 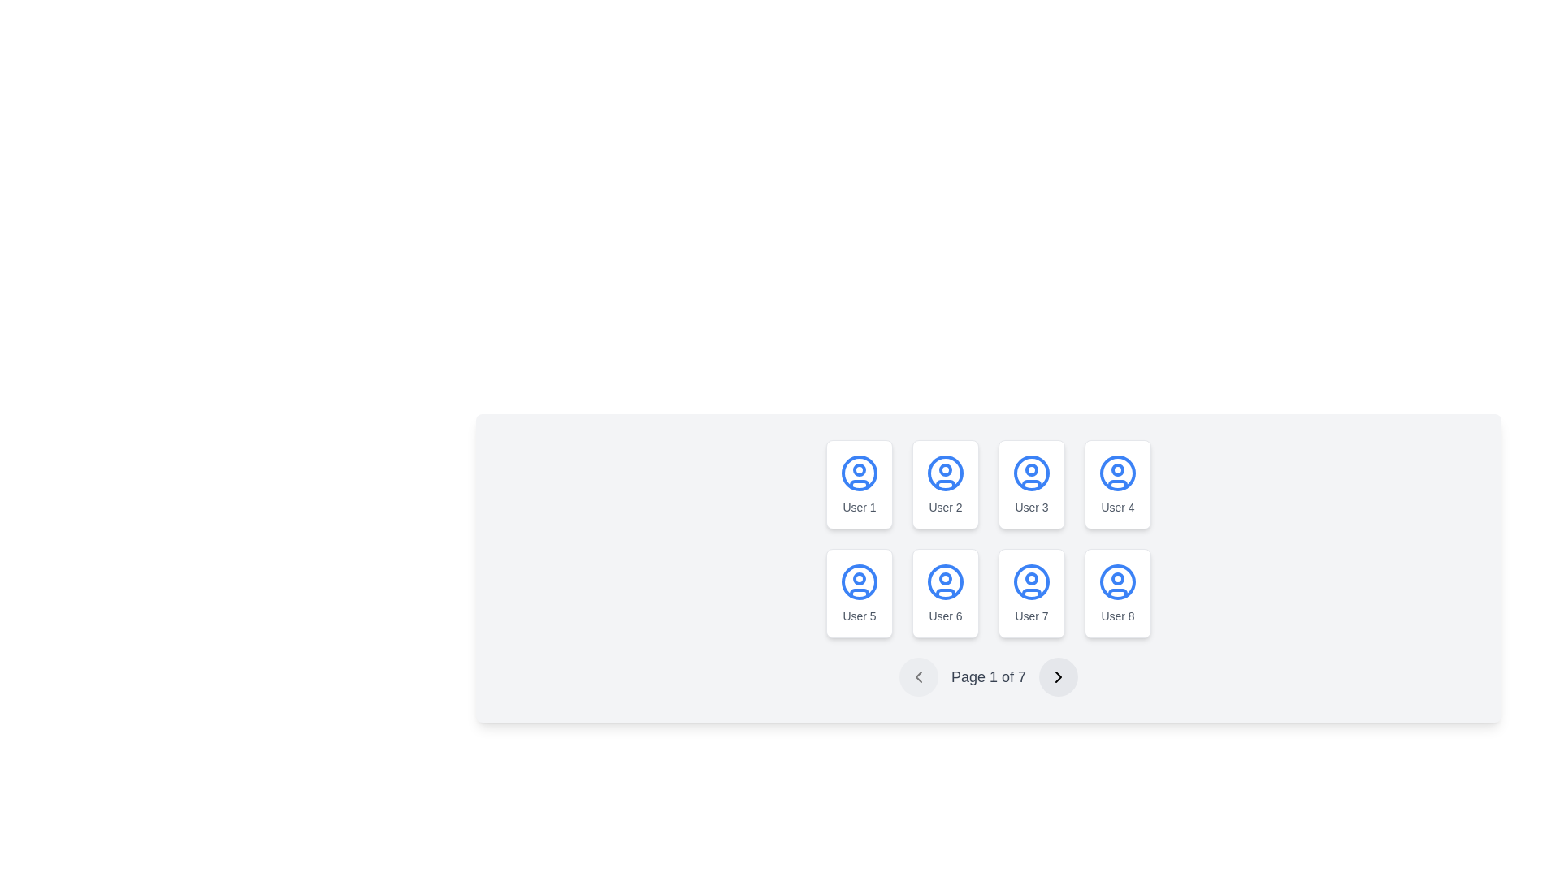 What do you see at coordinates (858, 581) in the screenshot?
I see `the user profile icon representing 'User 5', located at the center-top of the panel in the second row, first column of the user cards grid` at bounding box center [858, 581].